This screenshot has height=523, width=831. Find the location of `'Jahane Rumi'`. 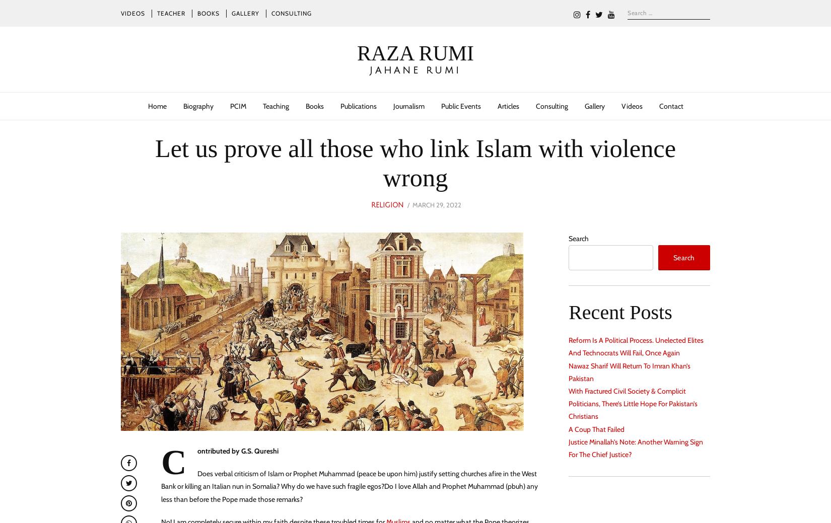

'Jahane Rumi' is located at coordinates (415, 69).